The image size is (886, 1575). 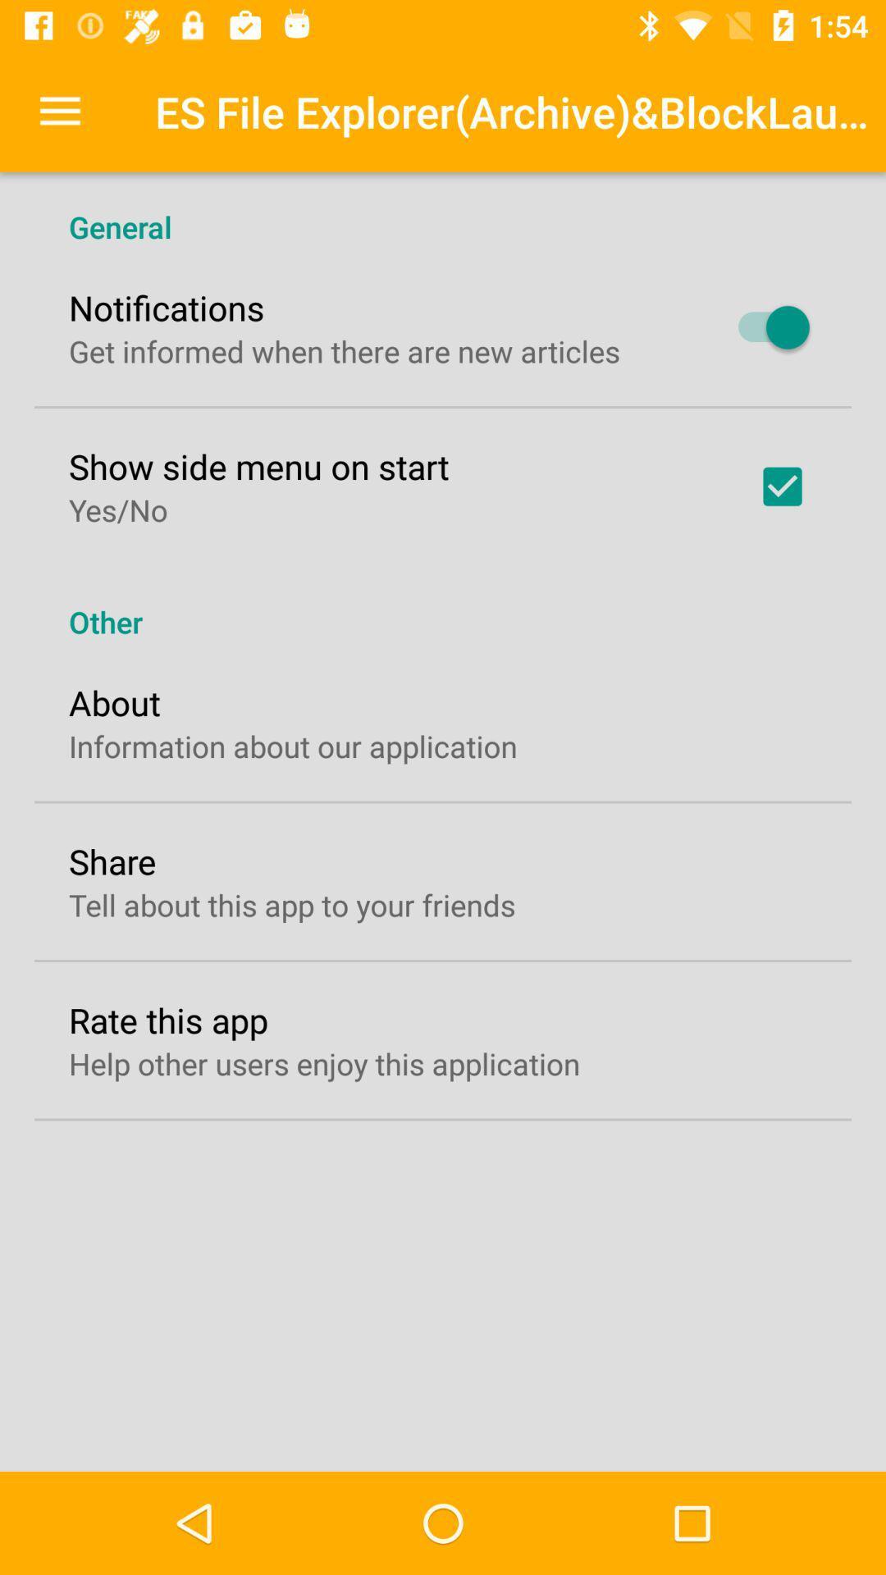 I want to click on the notifications item, so click(x=167, y=307).